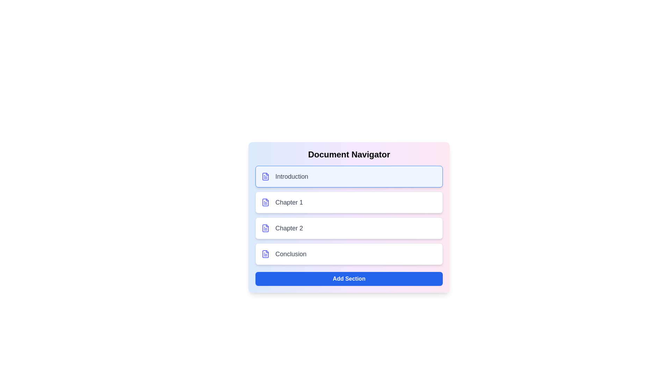  I want to click on the section corresponding to Conclusion by clicking on its list item, so click(349, 254).